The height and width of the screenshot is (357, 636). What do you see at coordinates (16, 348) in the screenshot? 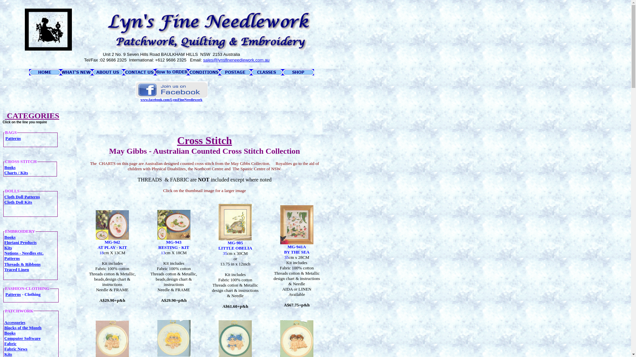
I see `'Fabric News'` at bounding box center [16, 348].